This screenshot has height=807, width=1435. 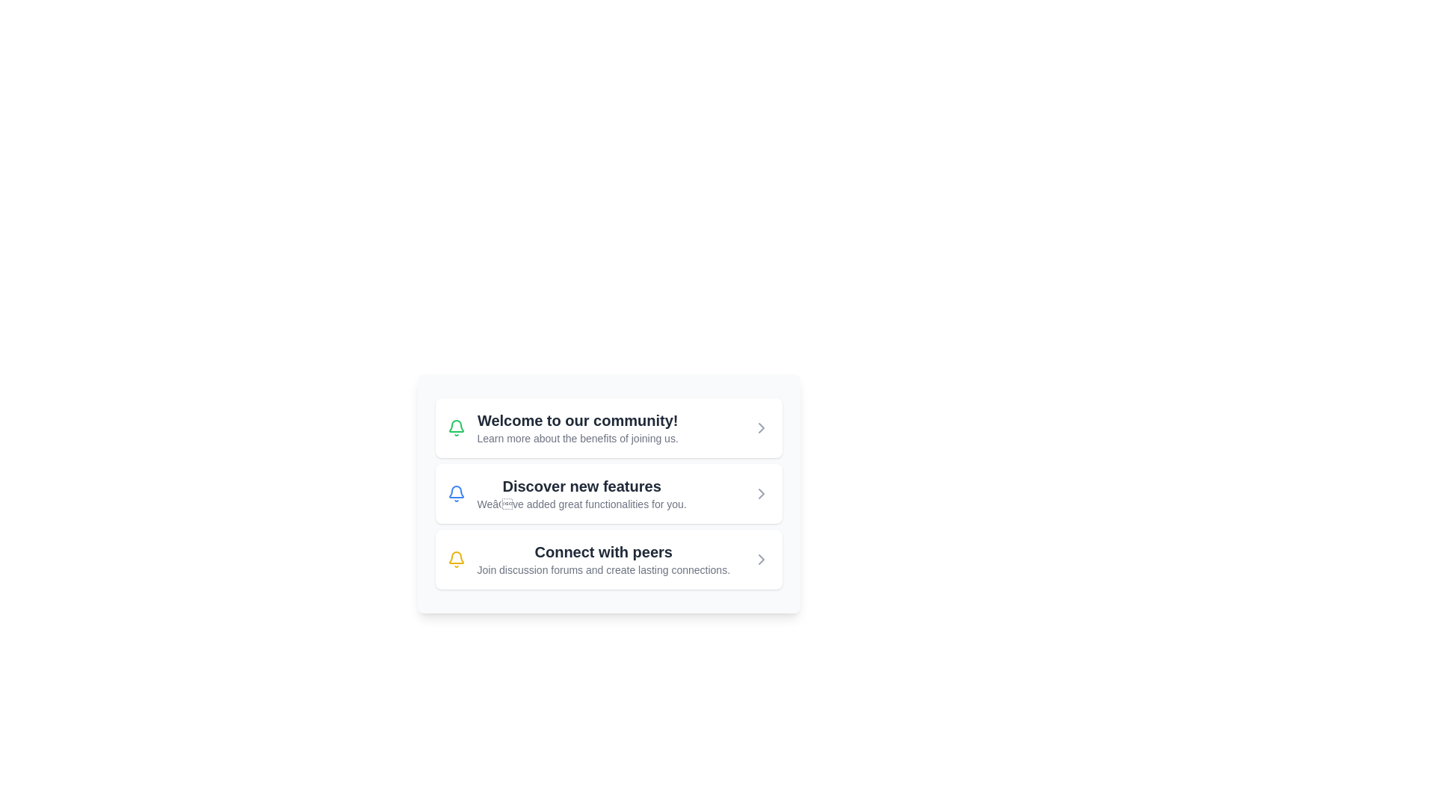 What do you see at coordinates (761, 428) in the screenshot?
I see `the Chevron-Right SVG icon located at the far right of the first list item containing the text 'Welcome to our community!'` at bounding box center [761, 428].